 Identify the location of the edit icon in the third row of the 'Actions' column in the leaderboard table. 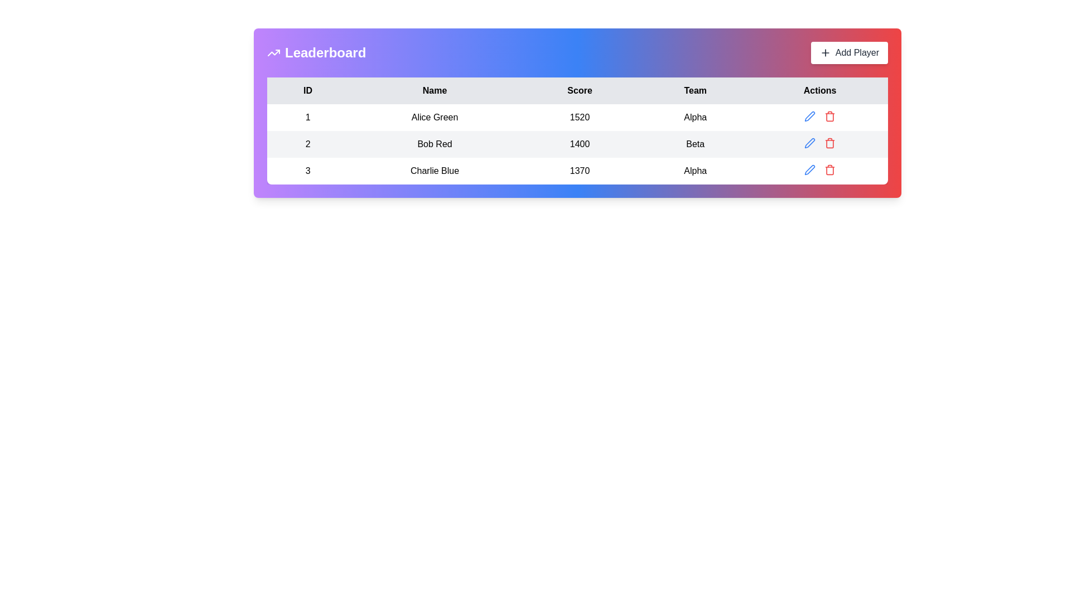
(810, 116).